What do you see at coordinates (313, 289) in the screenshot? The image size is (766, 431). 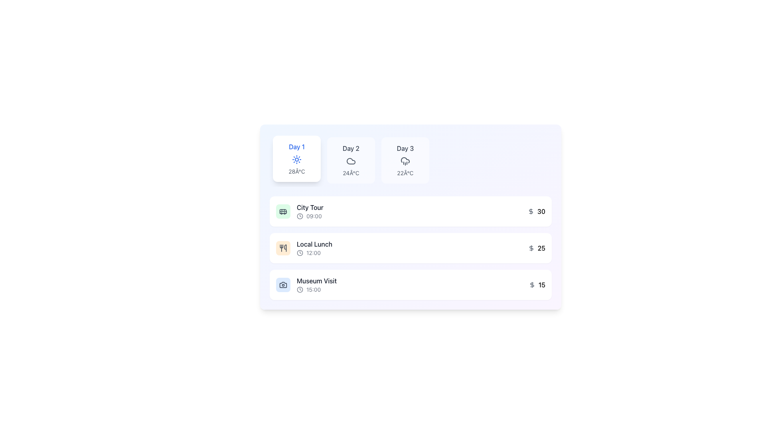 I see `the text label that displays the scheduled time for the 'Museum Visit' activity, located at the bottom-right corner of the section labeled 'Museum Visit'` at bounding box center [313, 289].